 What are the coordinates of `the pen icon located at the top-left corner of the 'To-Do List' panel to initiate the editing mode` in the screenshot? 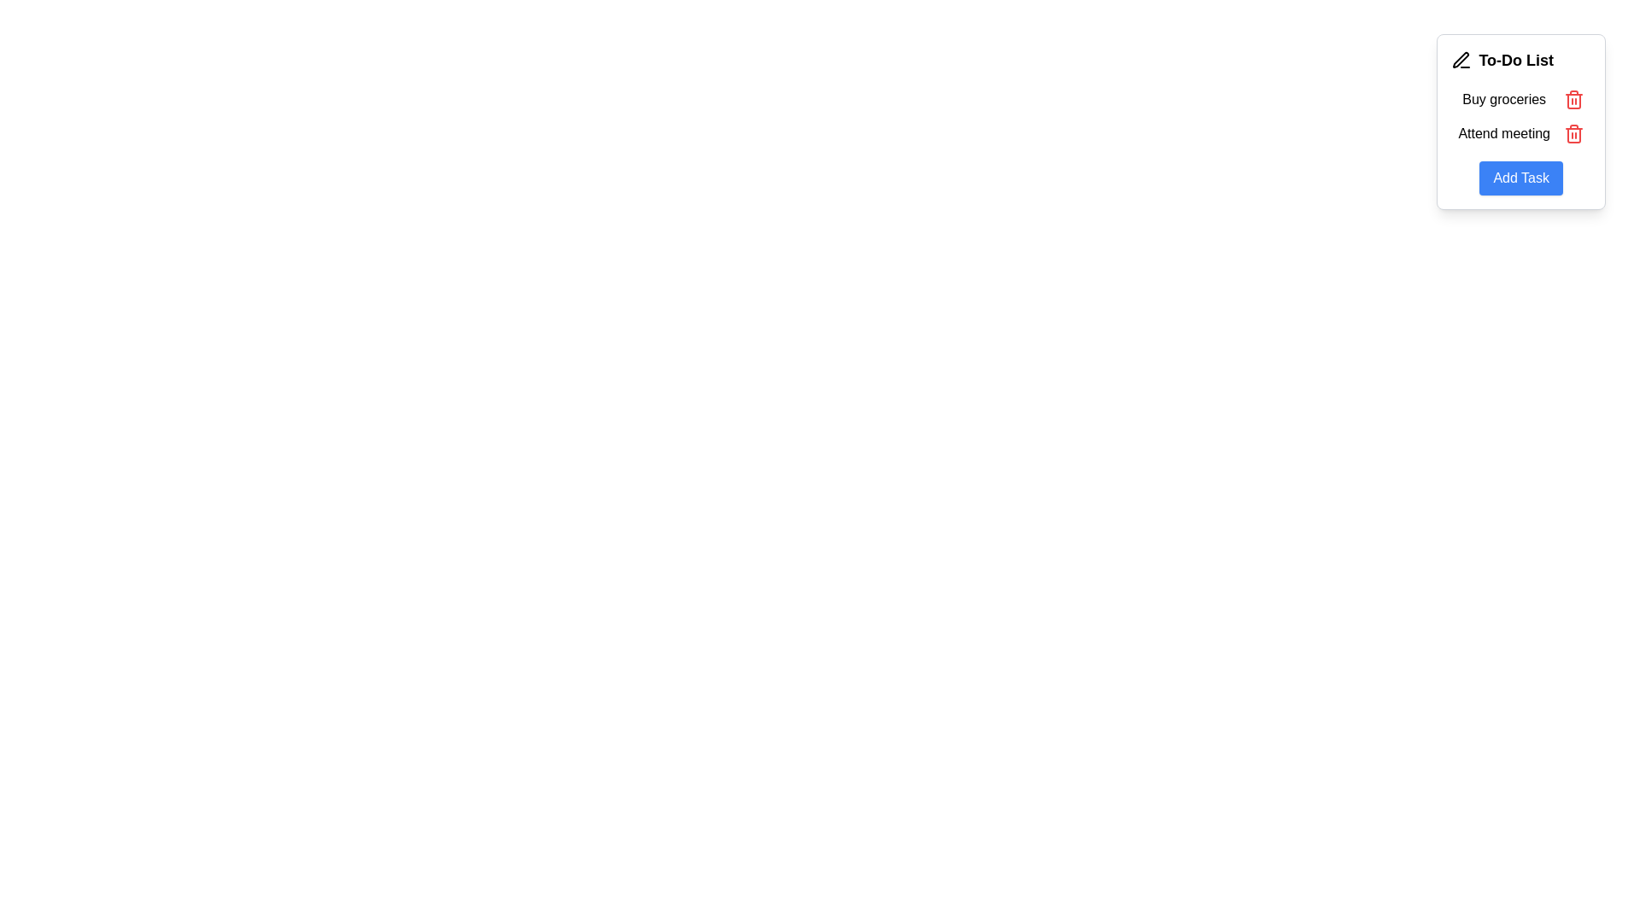 It's located at (1459, 58).